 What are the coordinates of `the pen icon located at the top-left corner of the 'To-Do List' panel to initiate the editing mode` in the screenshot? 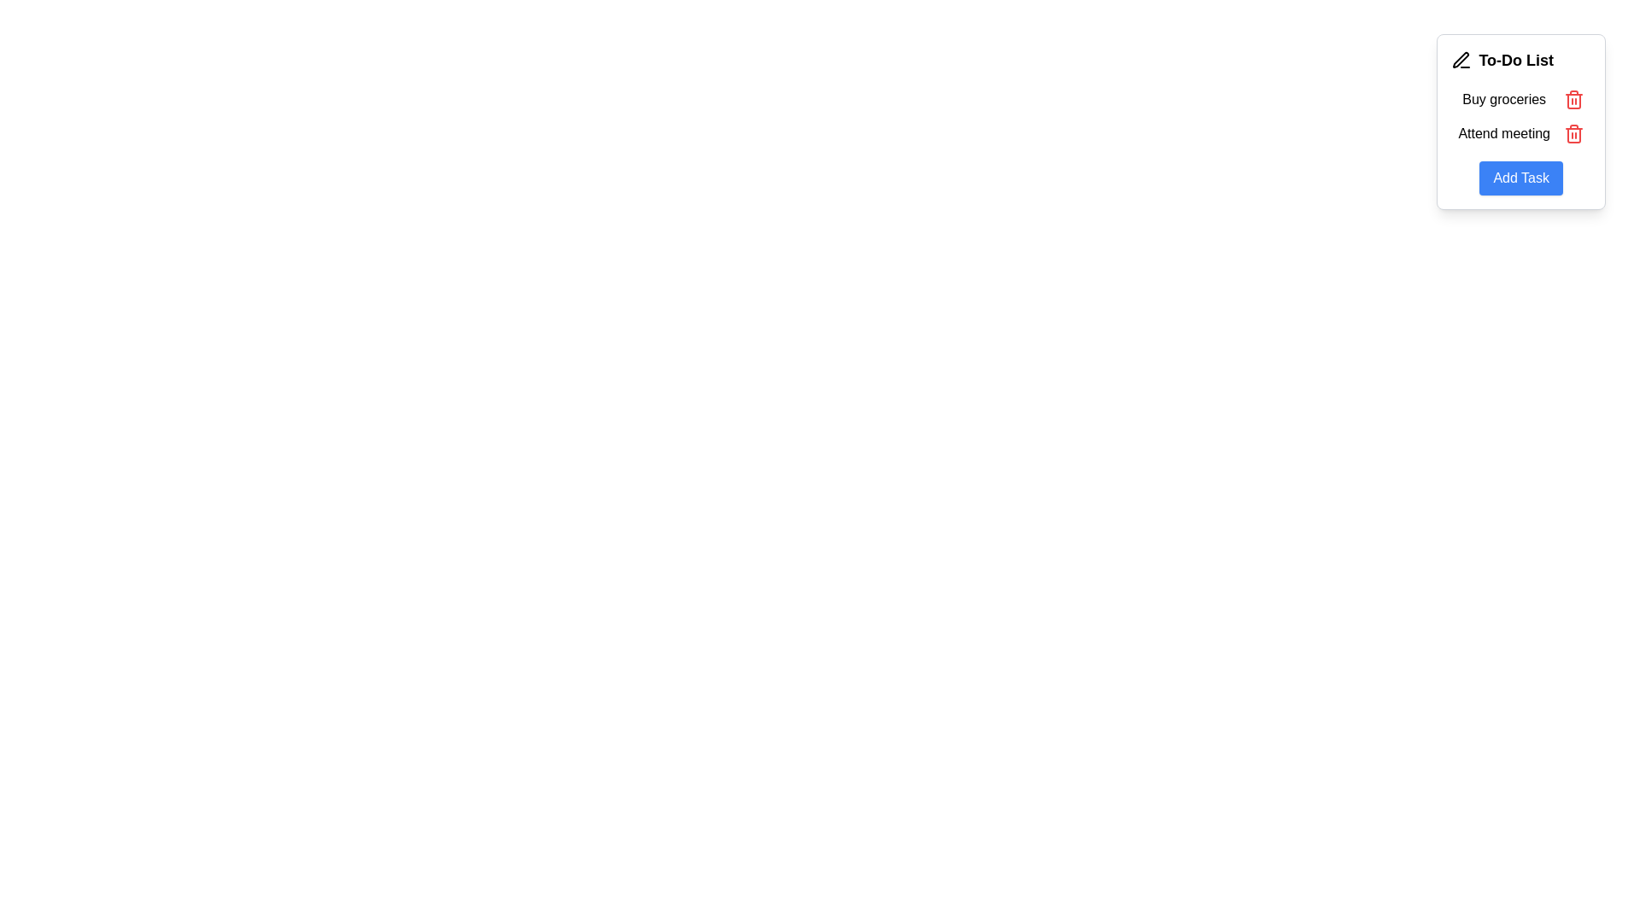 It's located at (1459, 58).